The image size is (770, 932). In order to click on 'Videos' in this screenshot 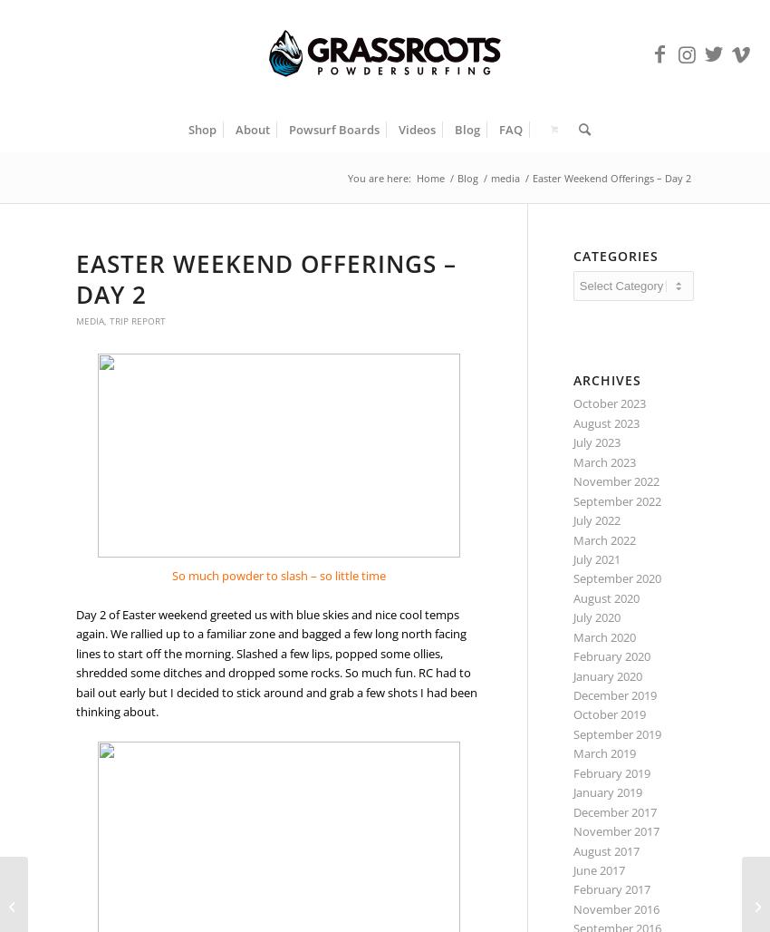, I will do `click(416, 129)`.